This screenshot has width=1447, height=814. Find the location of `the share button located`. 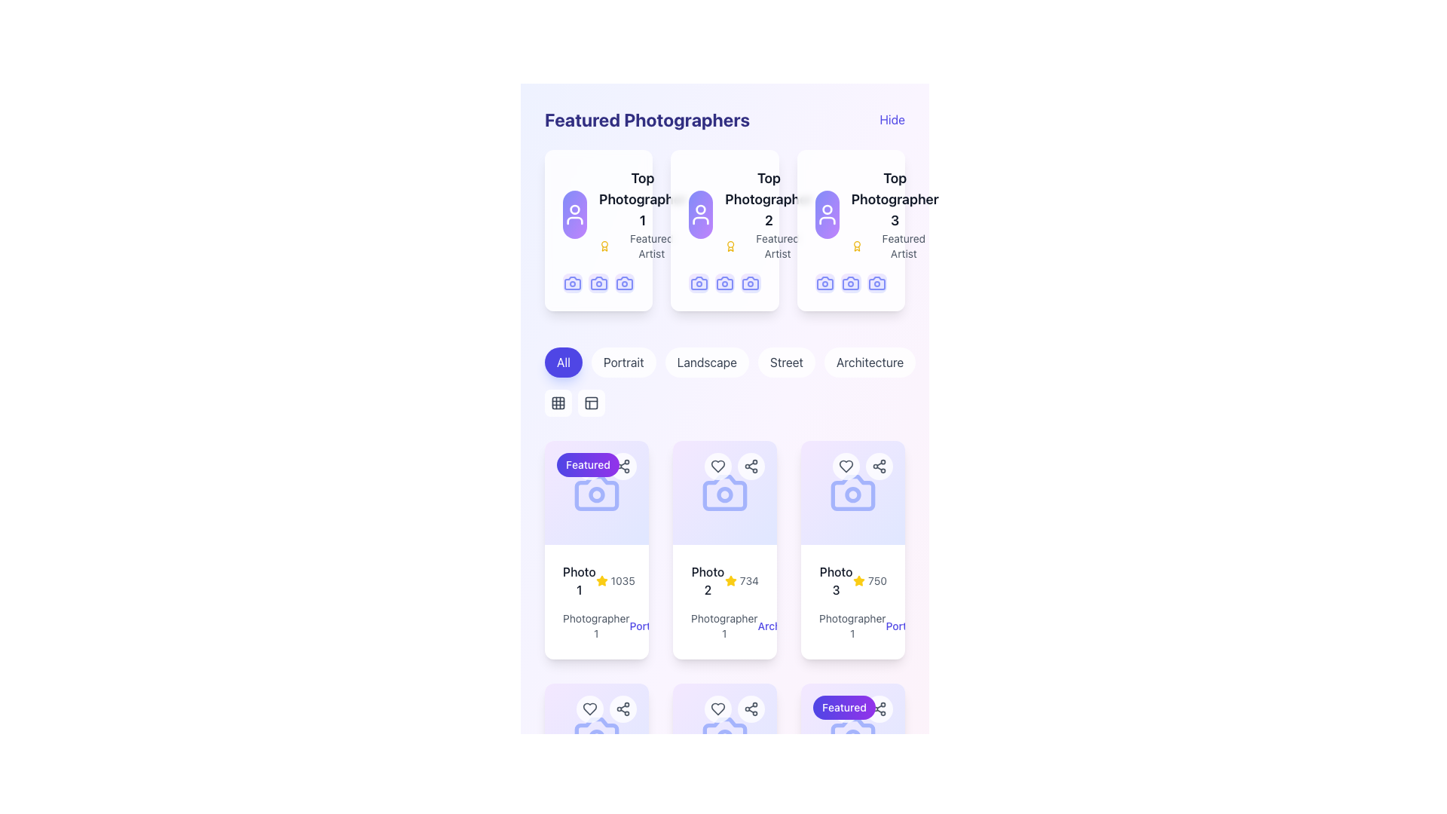

the share button located is located at coordinates (879, 465).